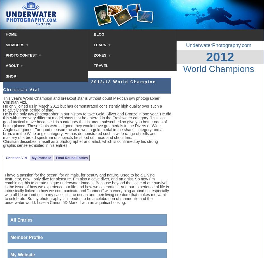 Image resolution: width=264 pixels, height=258 pixels. Describe the element at coordinates (41, 158) in the screenshot. I see `'My Portfolio'` at that location.